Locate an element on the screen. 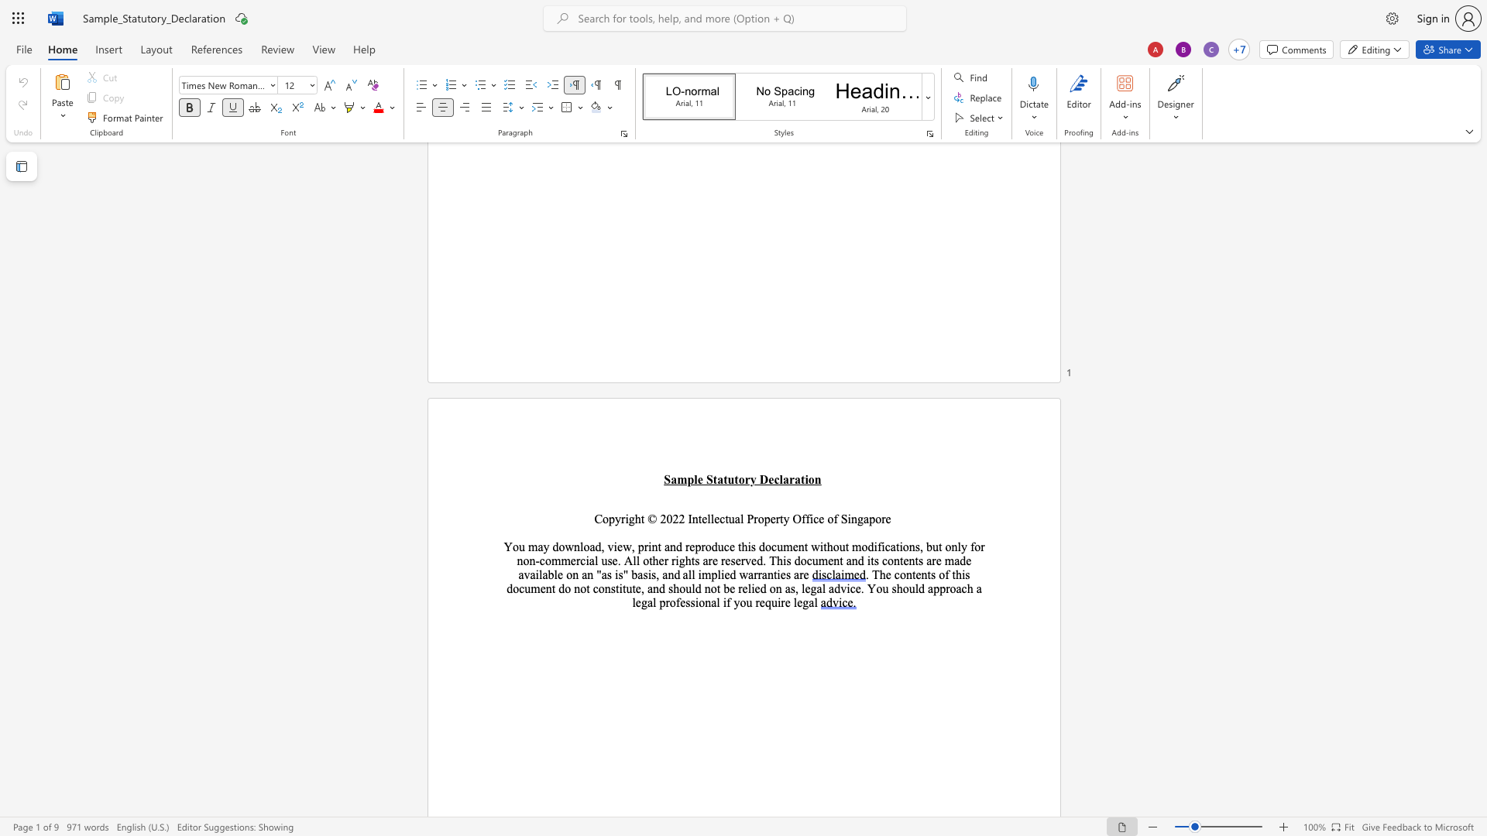  the space between the continuous character "c" and "e" in the text is located at coordinates (818, 519).